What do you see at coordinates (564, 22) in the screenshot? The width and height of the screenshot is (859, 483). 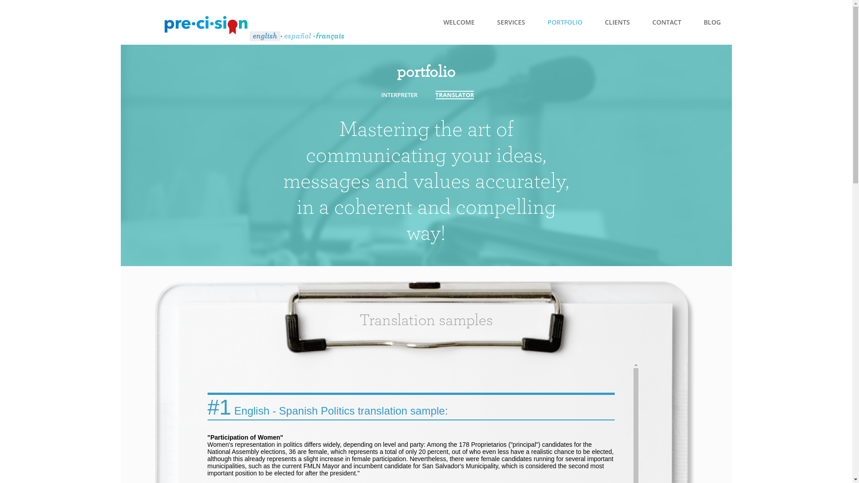 I see `'PORTFOLIO'` at bounding box center [564, 22].